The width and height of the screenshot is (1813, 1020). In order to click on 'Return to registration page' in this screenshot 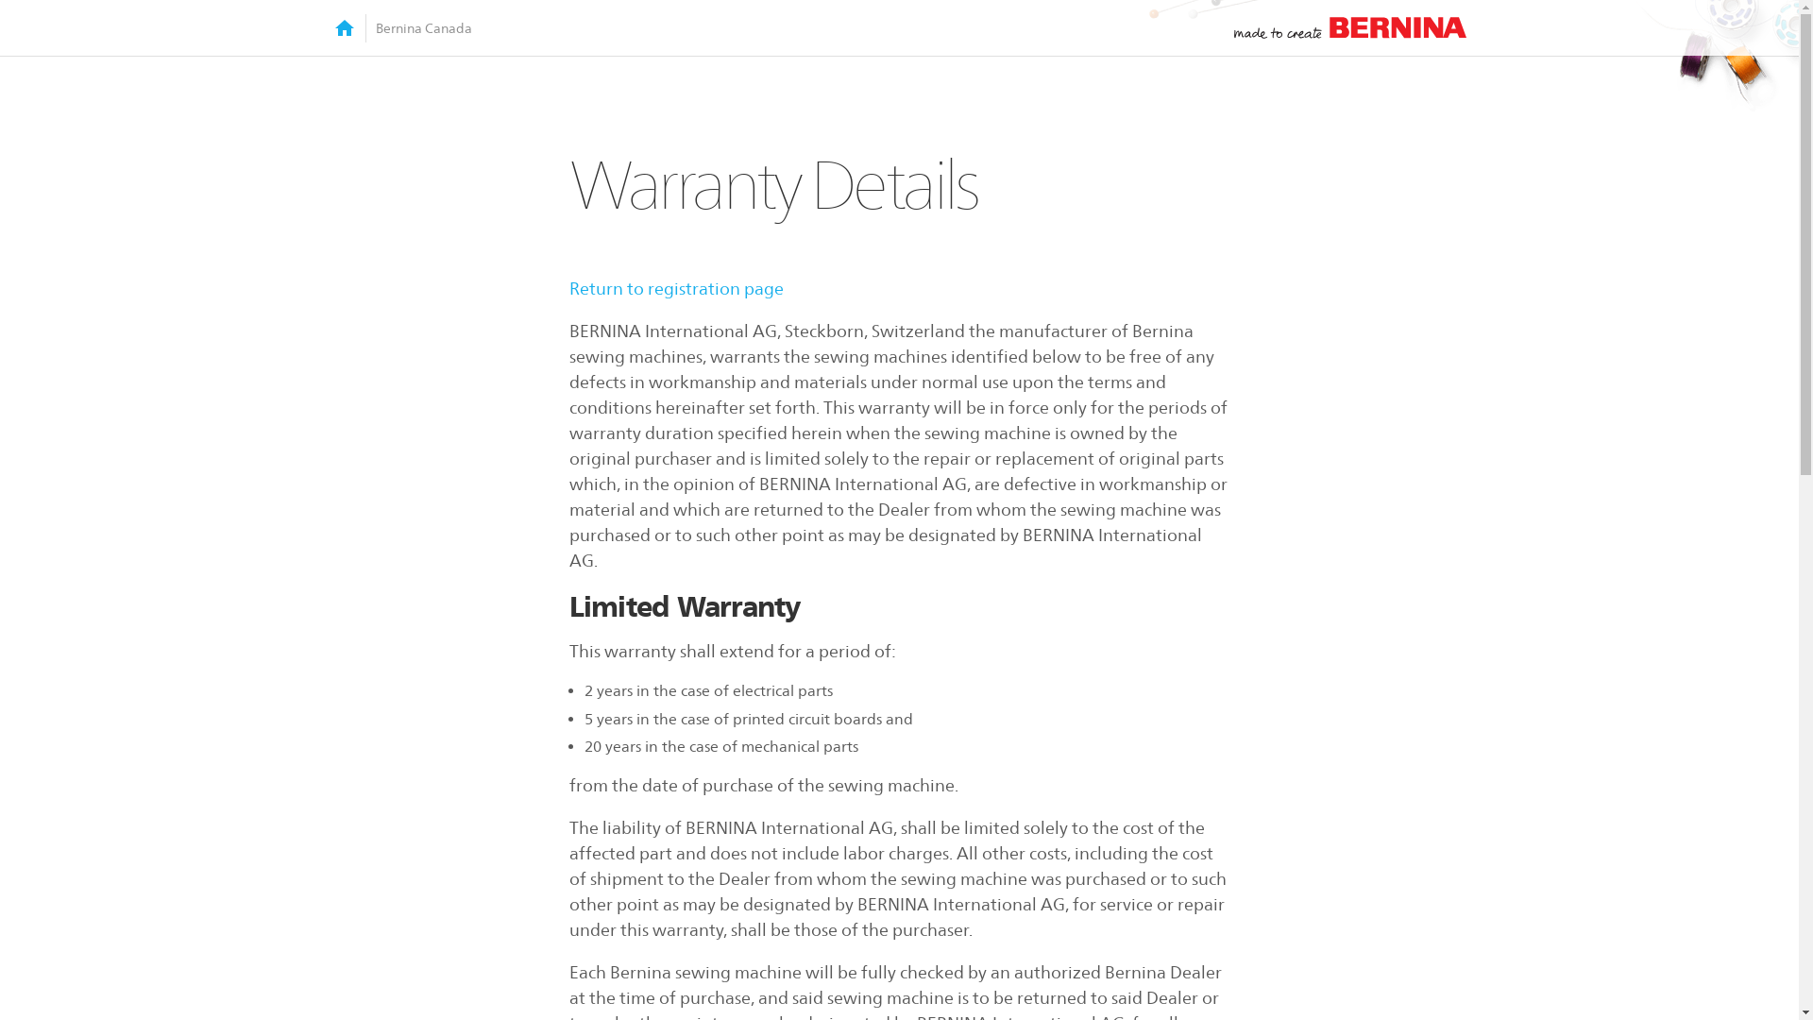, I will do `click(675, 288)`.